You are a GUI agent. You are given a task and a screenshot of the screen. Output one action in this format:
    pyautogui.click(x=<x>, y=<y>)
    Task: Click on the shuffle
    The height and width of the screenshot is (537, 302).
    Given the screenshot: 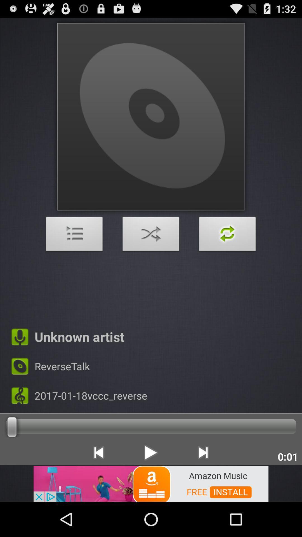 What is the action you would take?
    pyautogui.click(x=151, y=235)
    